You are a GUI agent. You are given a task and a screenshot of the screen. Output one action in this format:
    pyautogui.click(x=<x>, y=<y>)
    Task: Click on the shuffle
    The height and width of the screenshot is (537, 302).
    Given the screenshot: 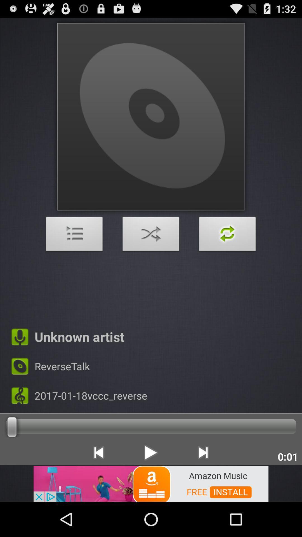 What is the action you would take?
    pyautogui.click(x=151, y=235)
    